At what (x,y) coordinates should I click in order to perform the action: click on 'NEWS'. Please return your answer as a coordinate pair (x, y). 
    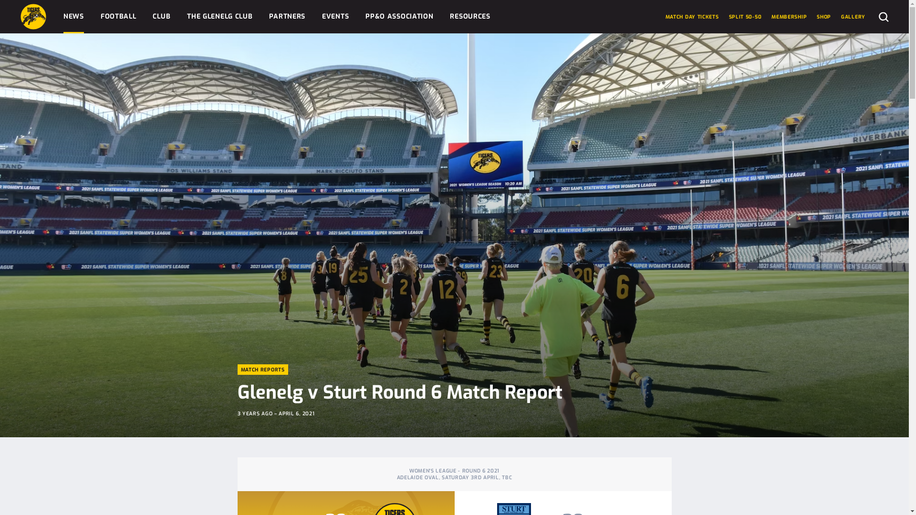
    Looking at the image, I should click on (73, 16).